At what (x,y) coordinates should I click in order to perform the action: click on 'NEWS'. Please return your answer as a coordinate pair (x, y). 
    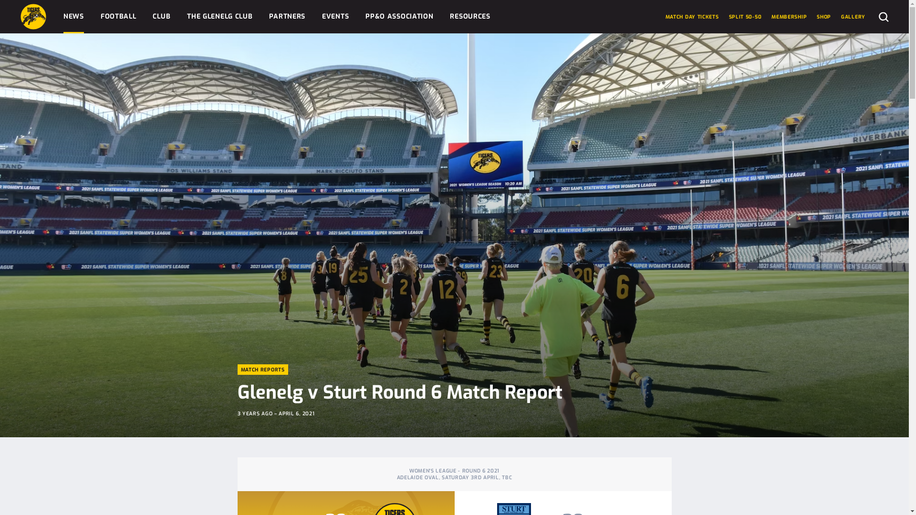
    Looking at the image, I should click on (73, 16).